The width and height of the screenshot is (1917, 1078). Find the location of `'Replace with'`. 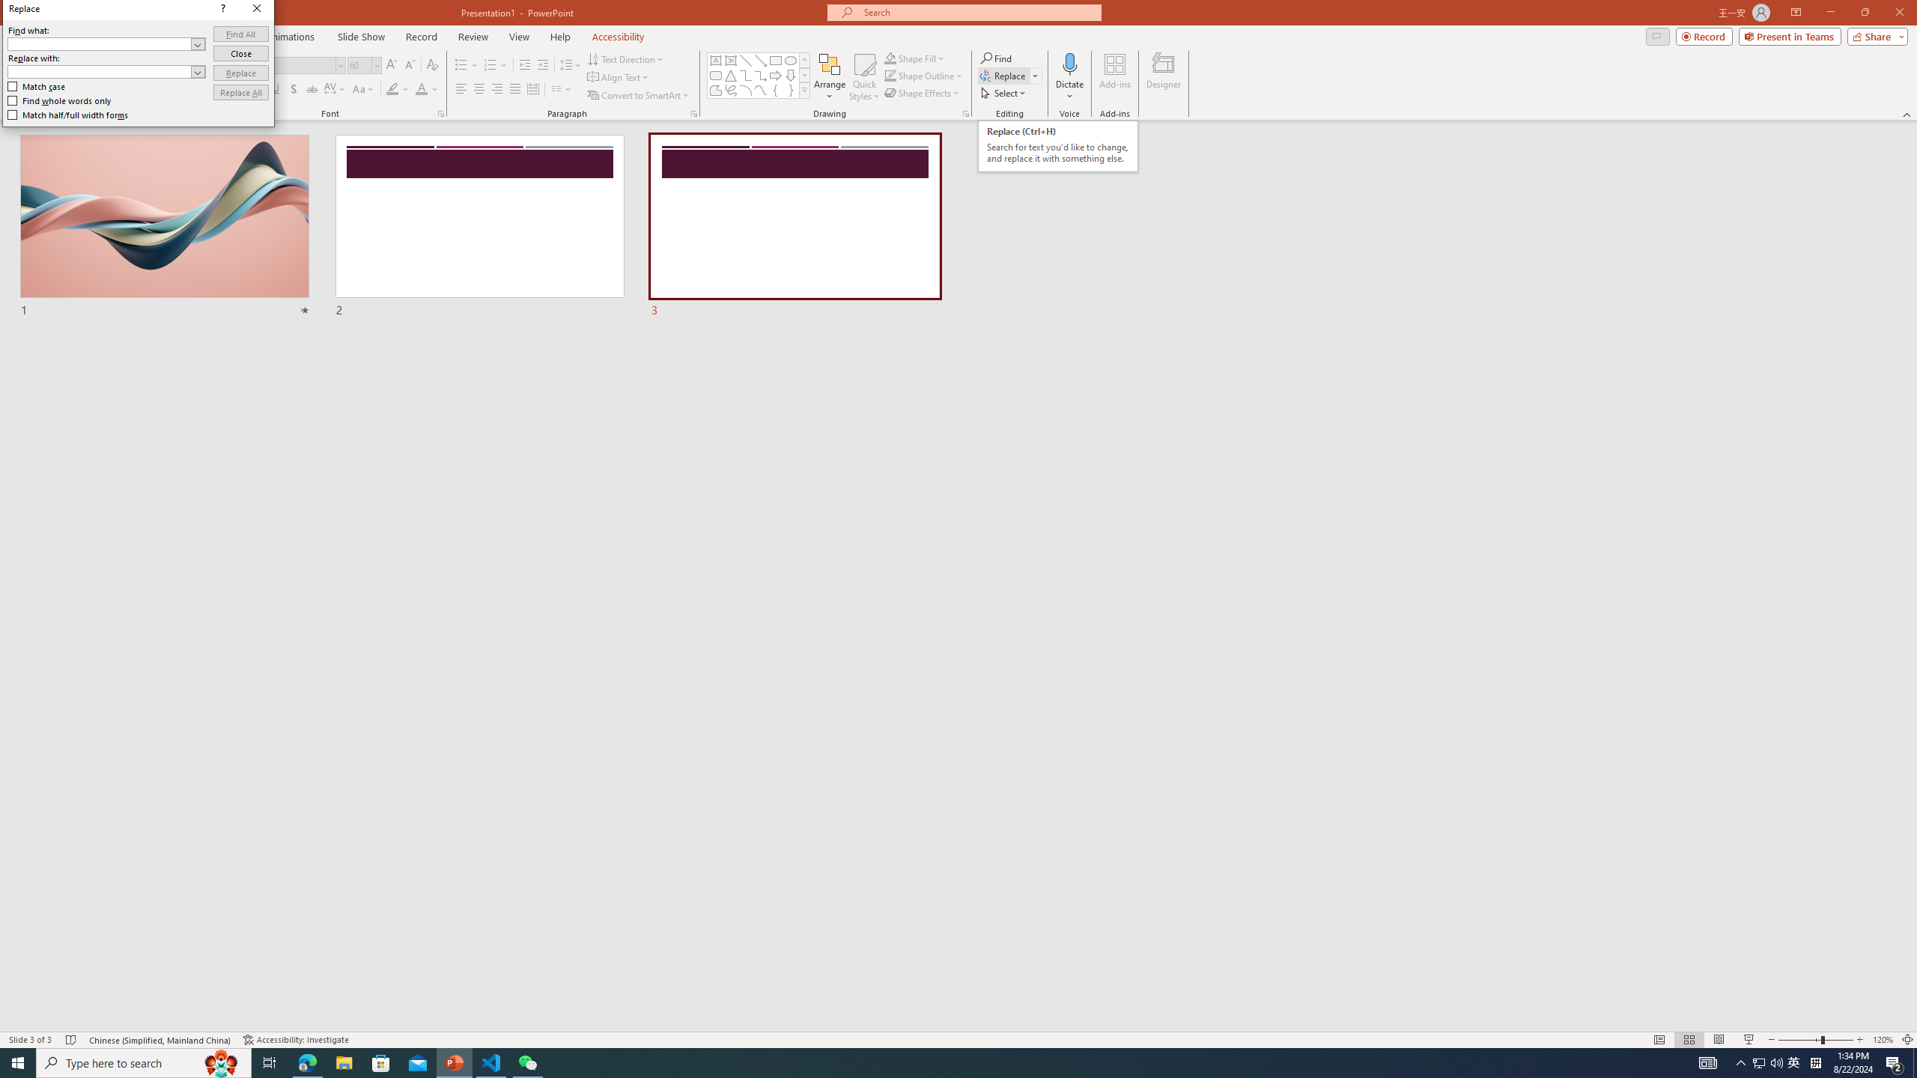

'Replace with' is located at coordinates (106, 71).